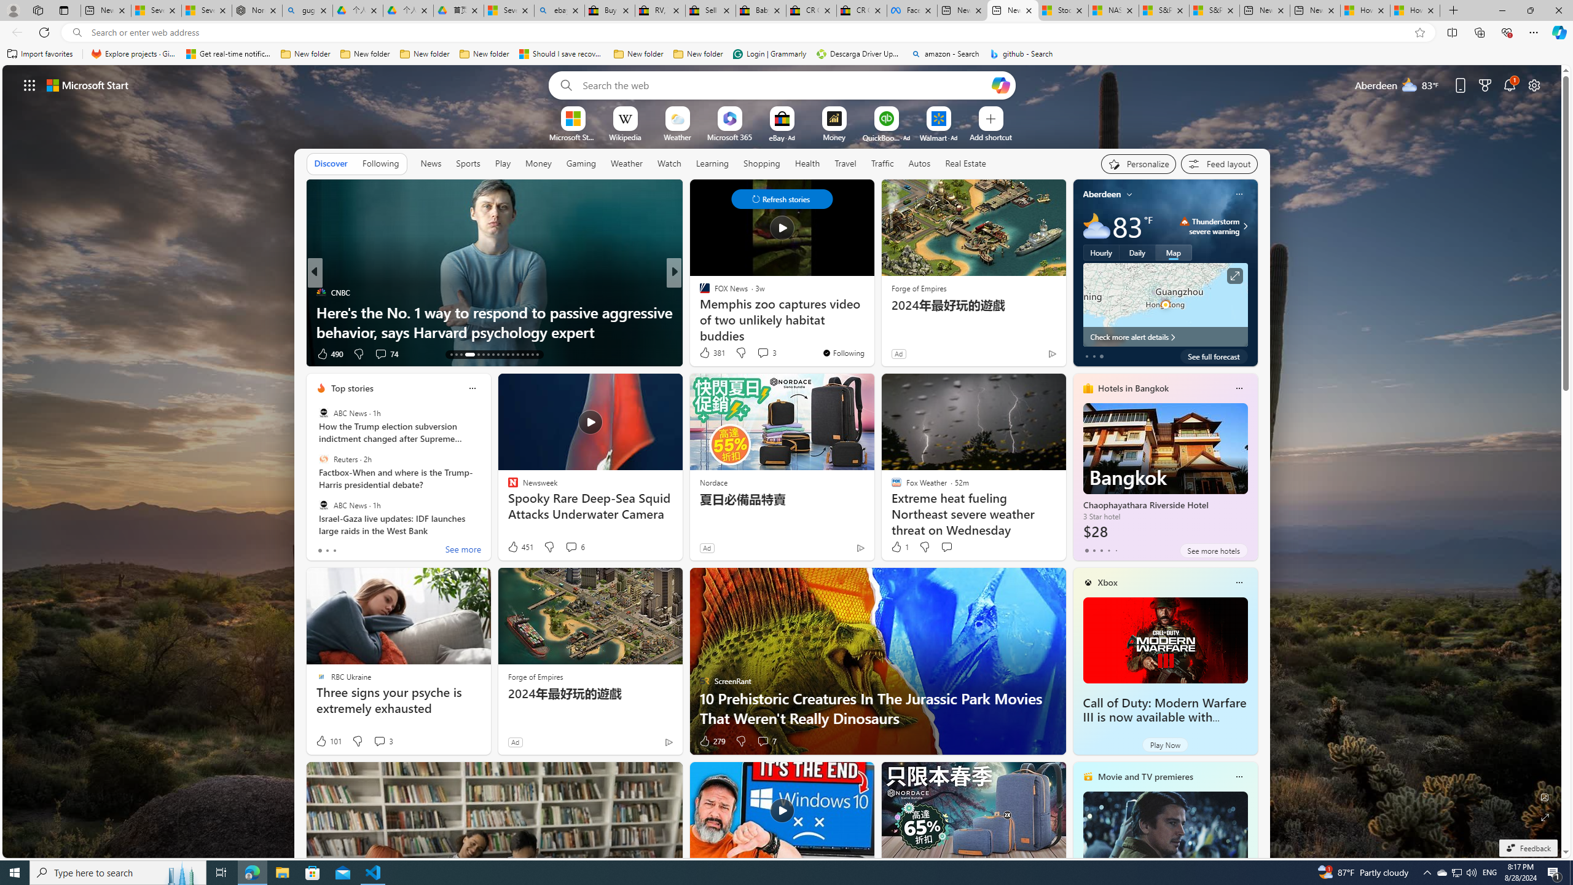 The height and width of the screenshot is (885, 1573). I want to click on 'See full forecast', so click(1213, 355).